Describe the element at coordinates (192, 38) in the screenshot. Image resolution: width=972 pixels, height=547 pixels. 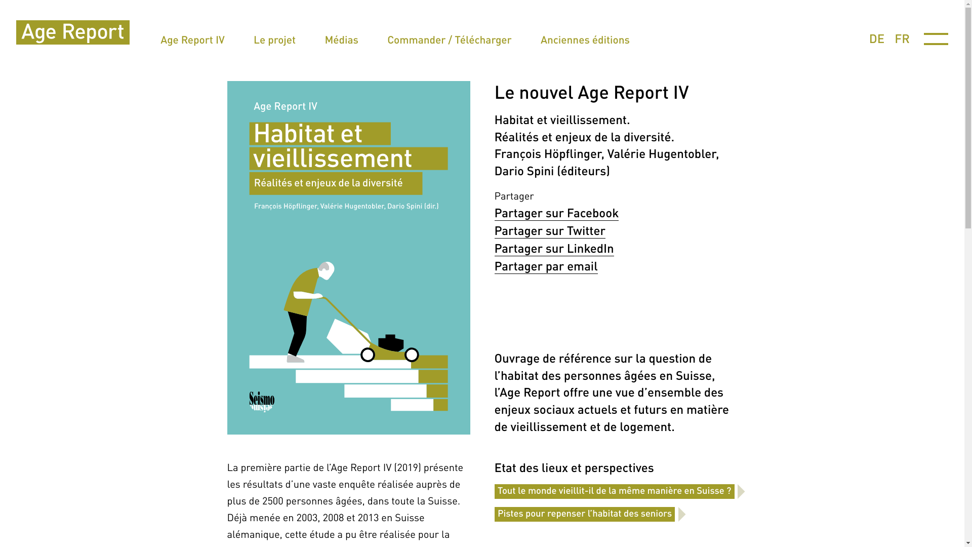
I see `'Age Report IV'` at that location.